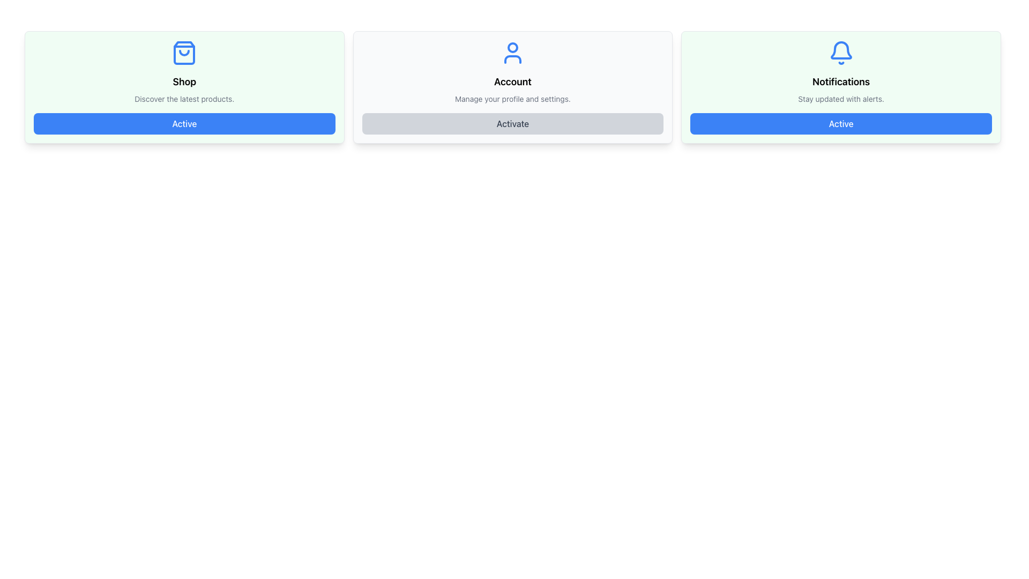 The width and height of the screenshot is (1029, 579). What do you see at coordinates (184, 53) in the screenshot?
I see `the 'Shop' icon located at the top of the leftmost card in a row of three cards, above the text 'Shop'` at bounding box center [184, 53].